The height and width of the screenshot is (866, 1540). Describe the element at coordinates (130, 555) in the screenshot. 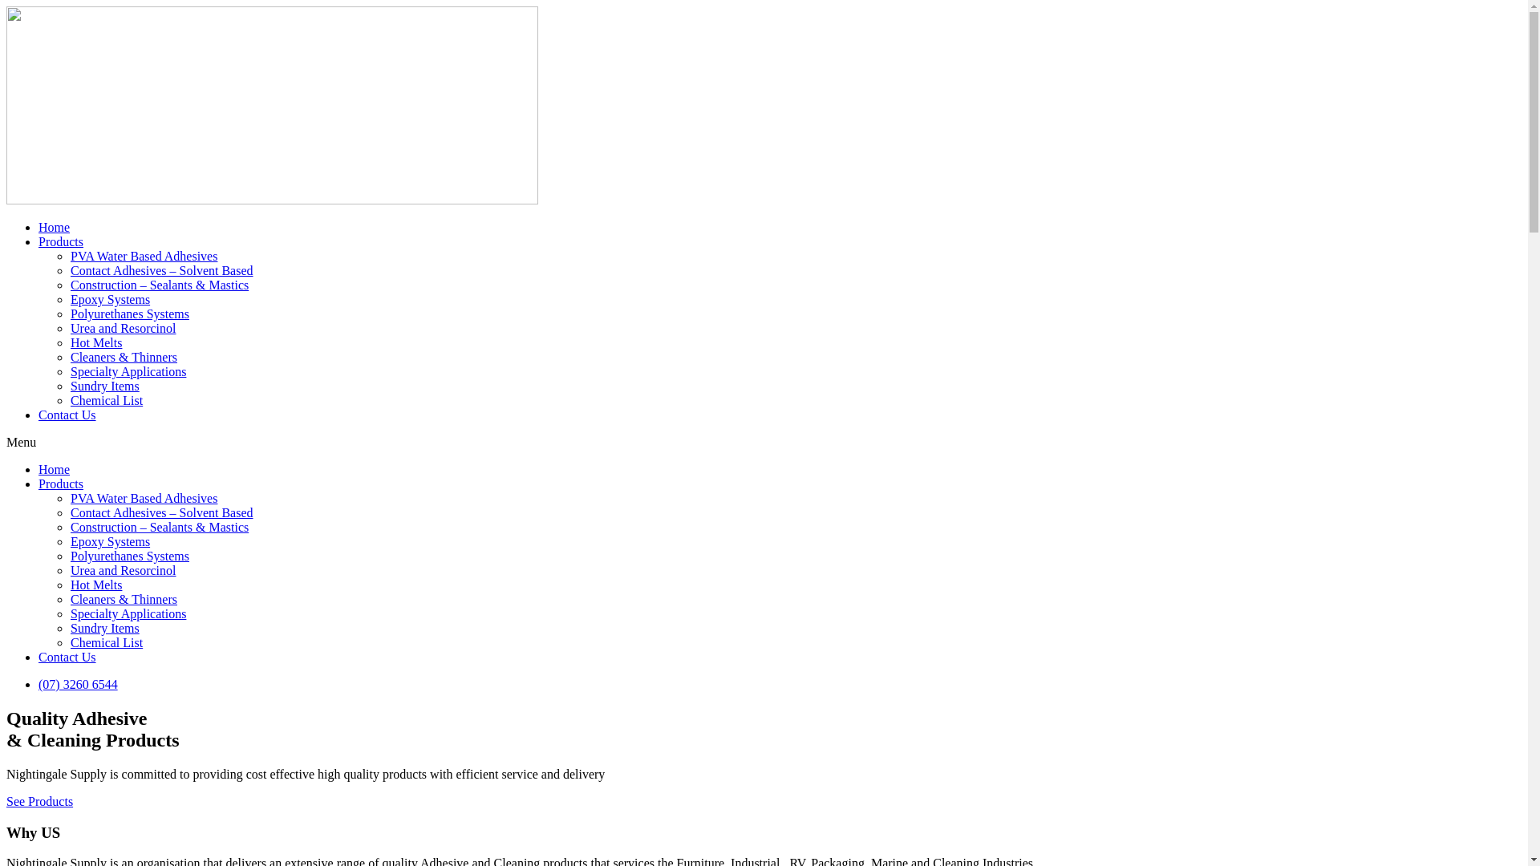

I see `'Polyurethanes Systems'` at that location.